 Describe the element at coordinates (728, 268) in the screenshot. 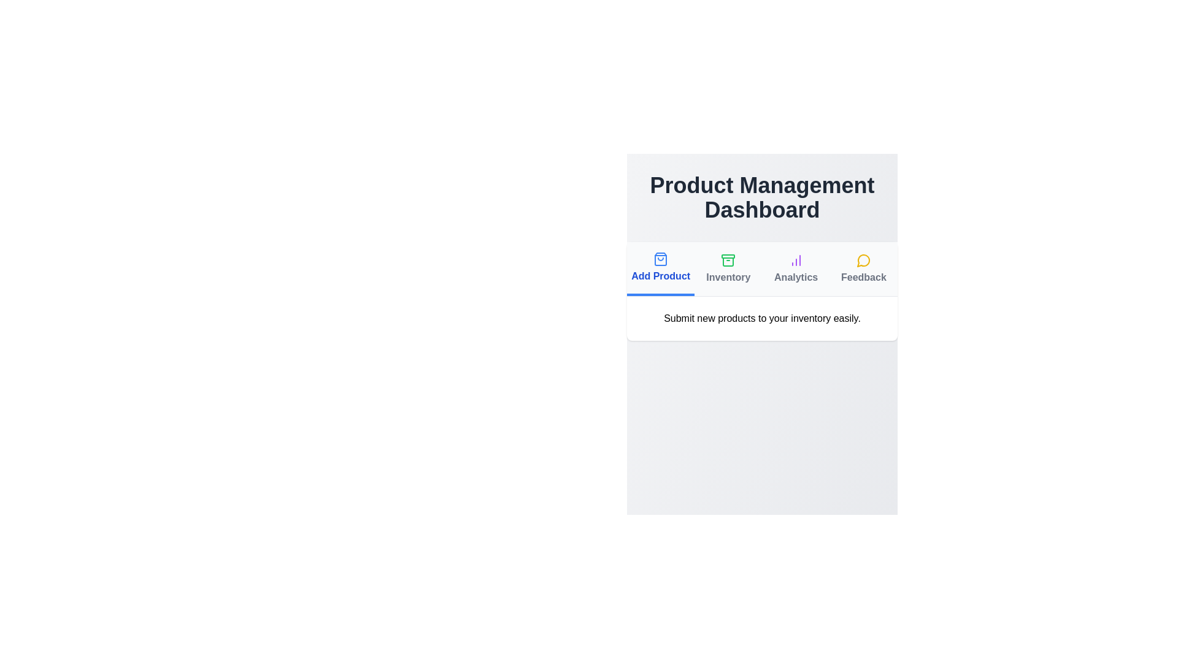

I see `the 'Inventory' button, which is the second button from the left in the horizontal group under 'Product Management Dashboard'` at that location.